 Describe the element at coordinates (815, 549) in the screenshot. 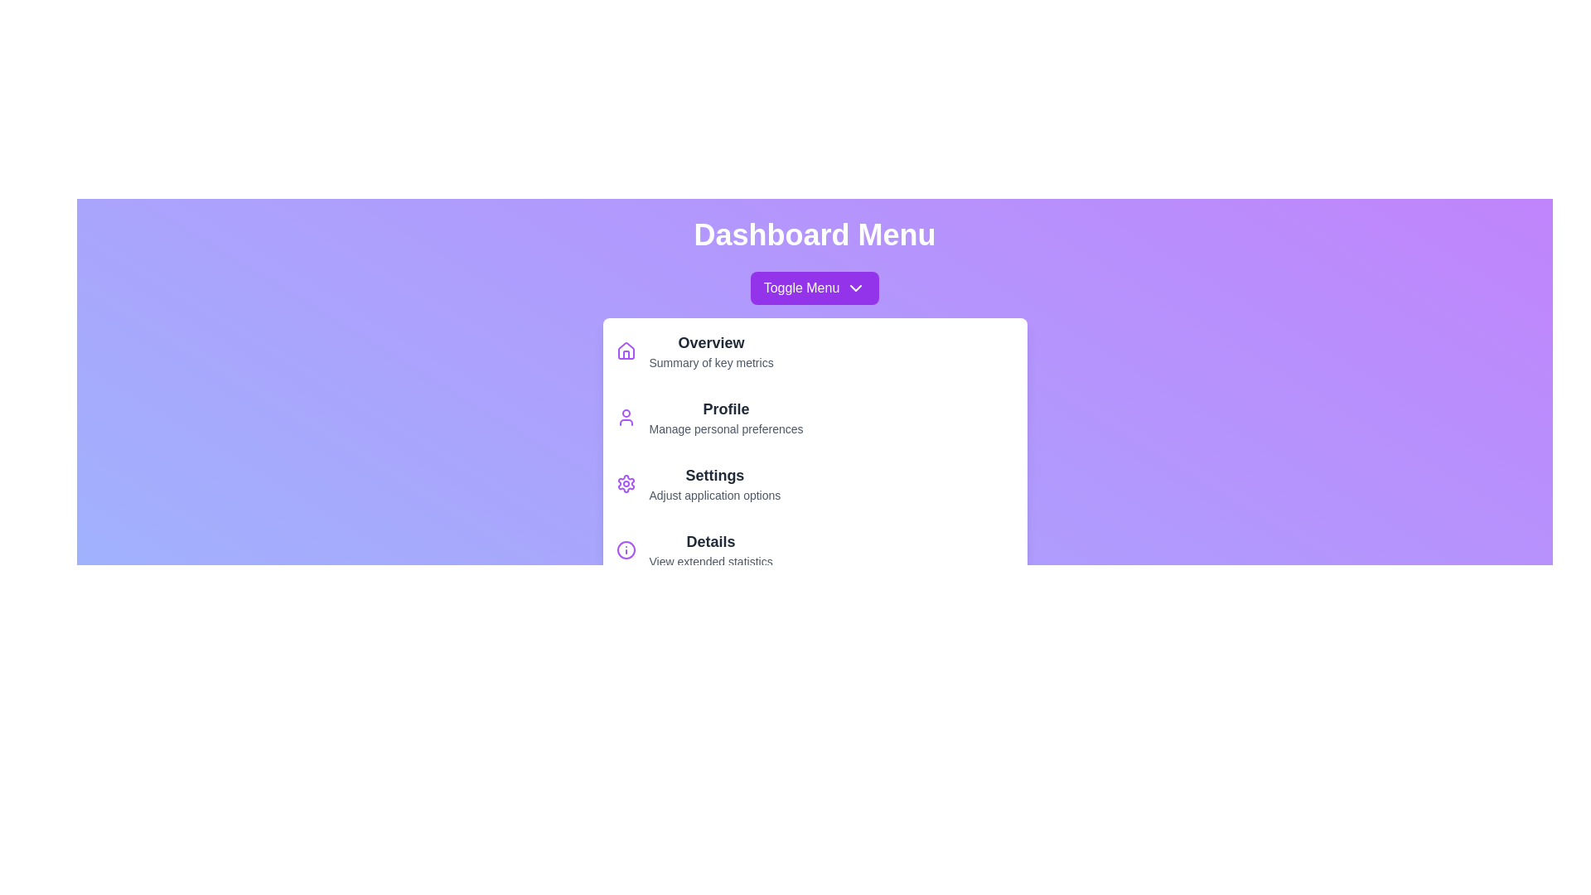

I see `the menu item Details from the menu` at that location.